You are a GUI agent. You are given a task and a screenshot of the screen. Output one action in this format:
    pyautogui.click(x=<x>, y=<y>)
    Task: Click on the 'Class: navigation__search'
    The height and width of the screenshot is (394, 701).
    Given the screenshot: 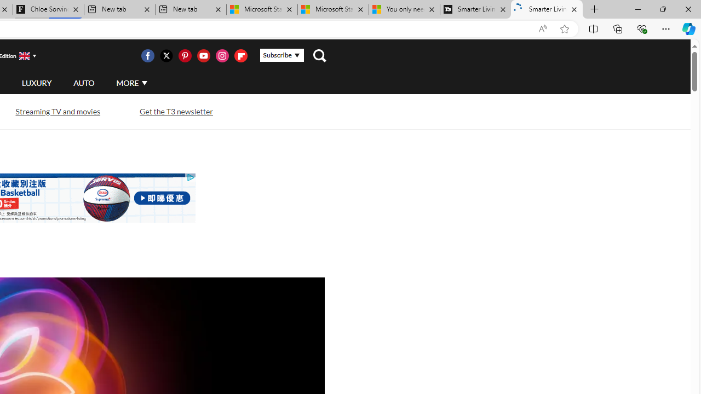 What is the action you would take?
    pyautogui.click(x=319, y=55)
    